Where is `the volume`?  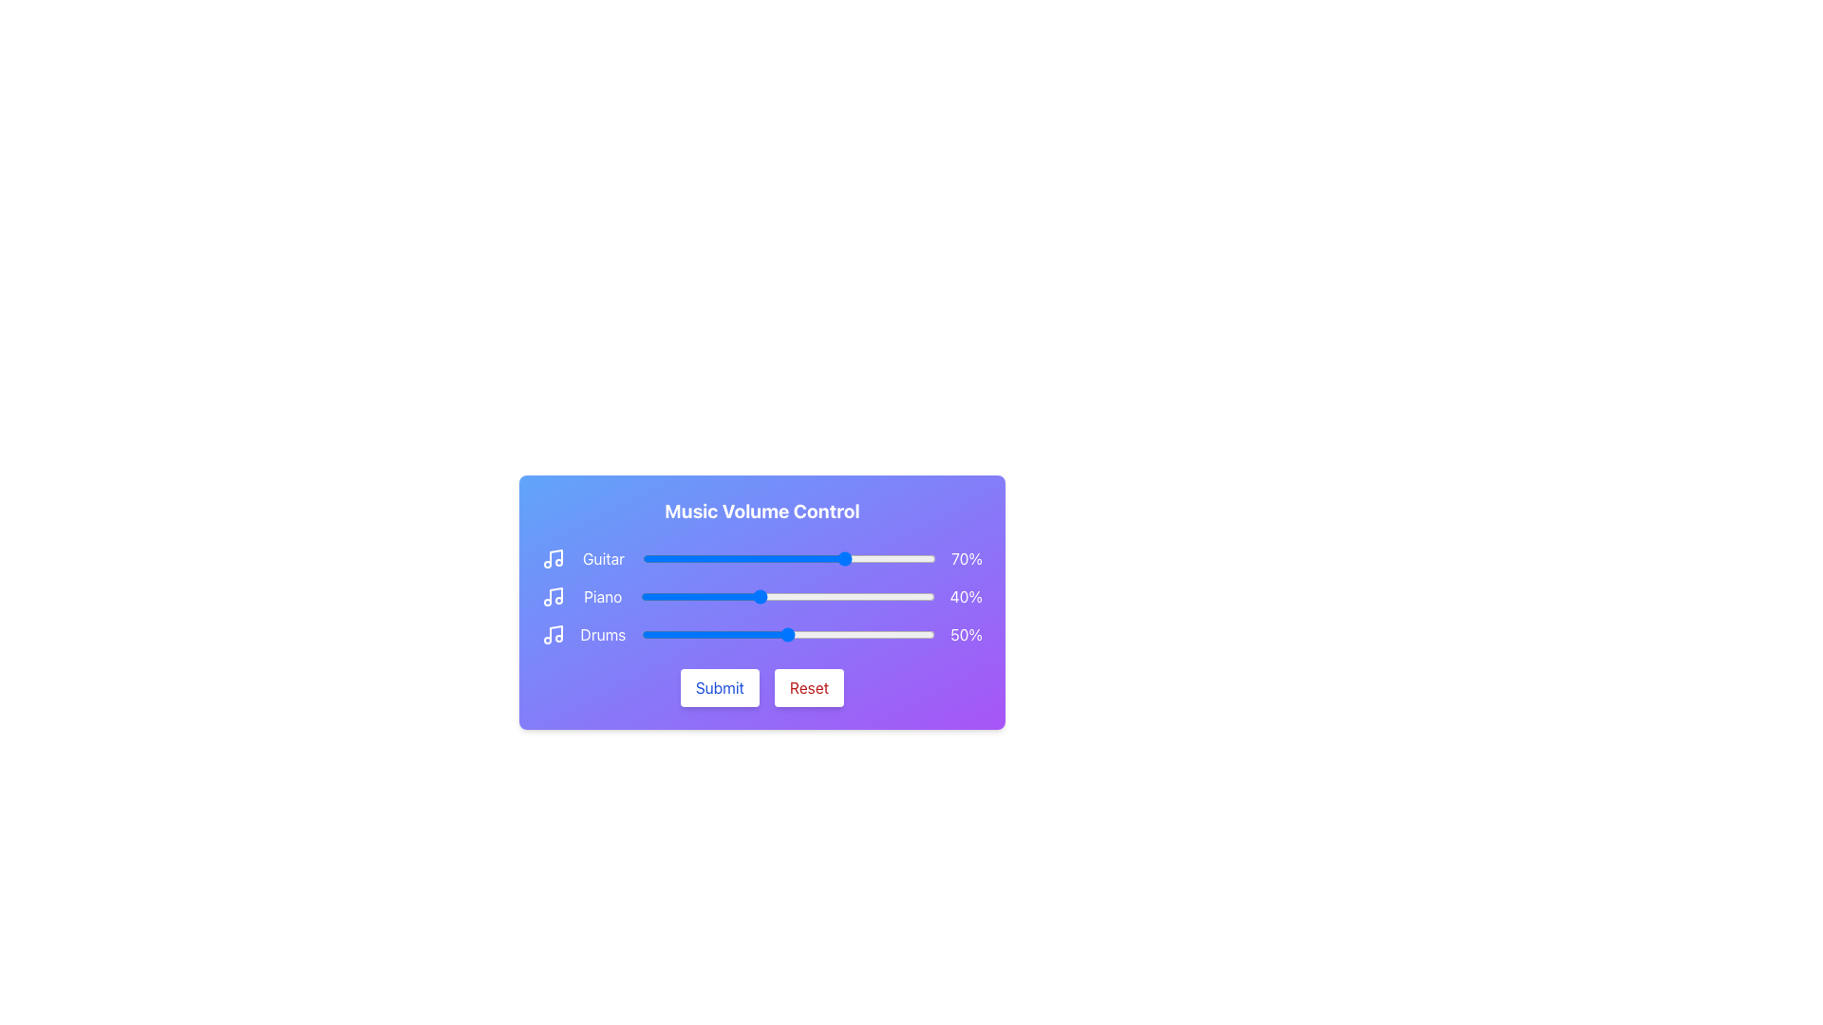
the volume is located at coordinates (780, 634).